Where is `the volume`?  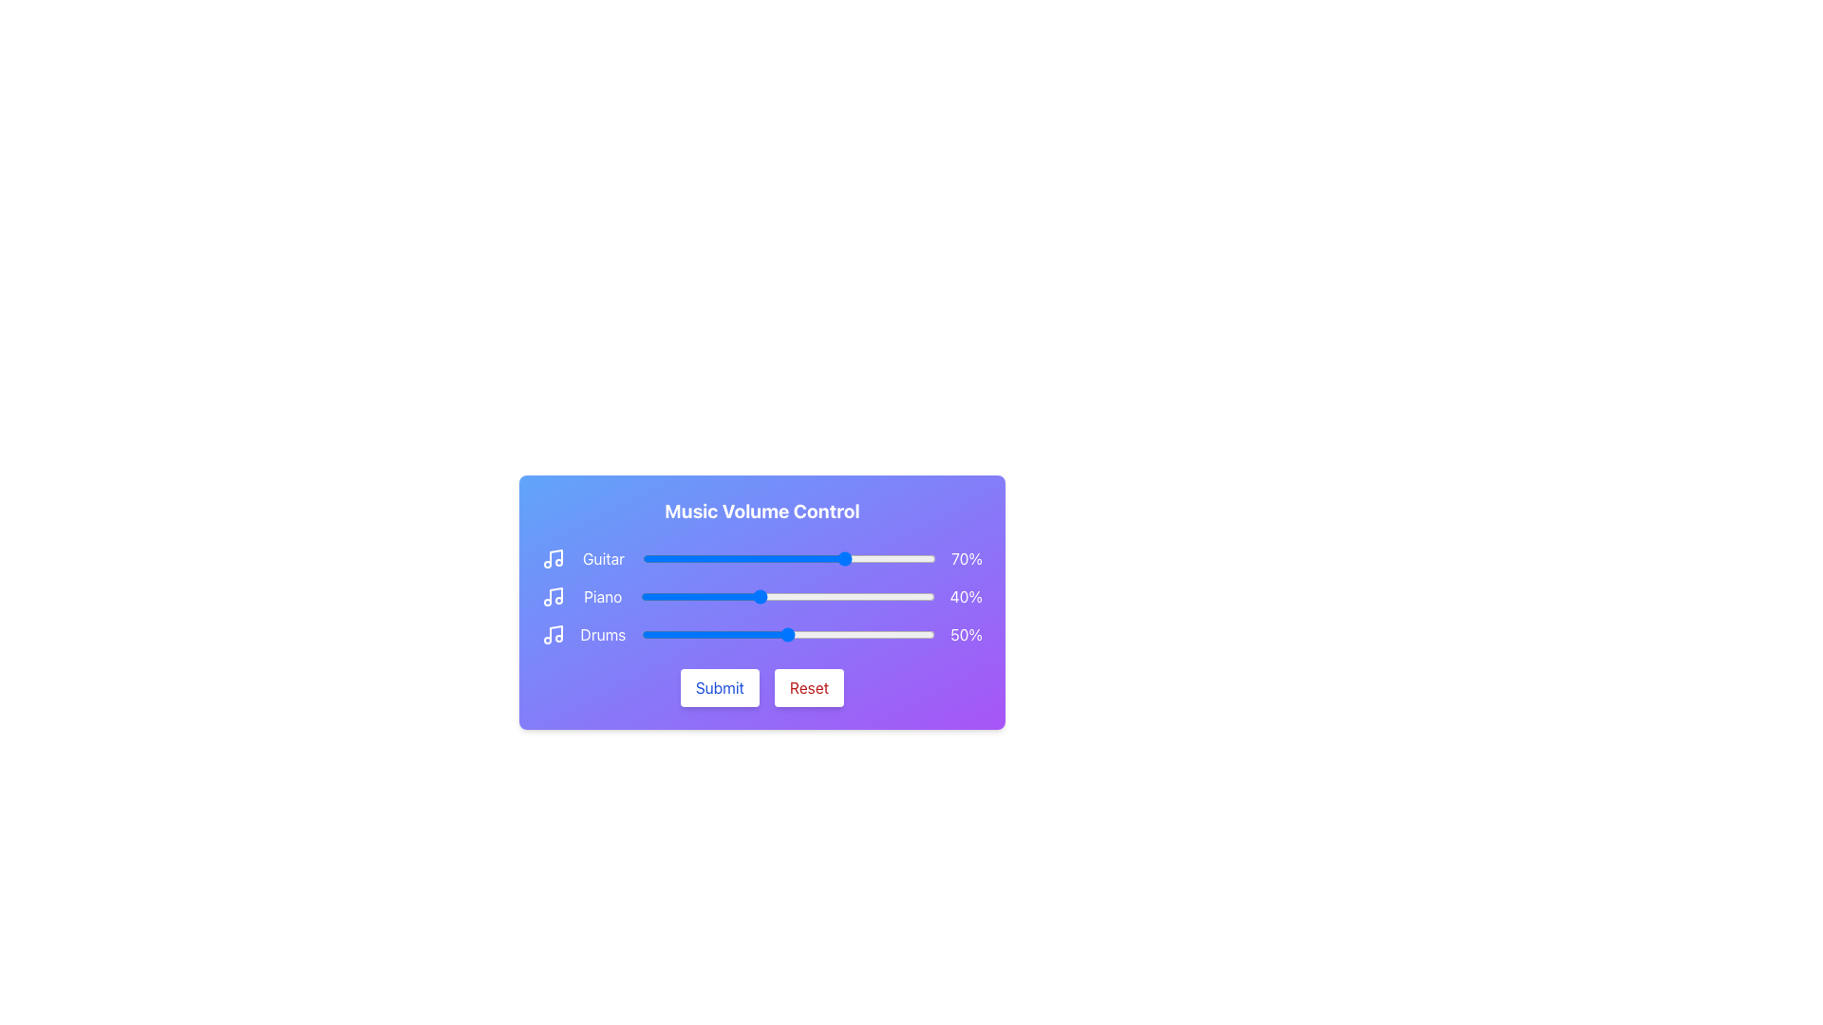
the volume is located at coordinates (780, 634).